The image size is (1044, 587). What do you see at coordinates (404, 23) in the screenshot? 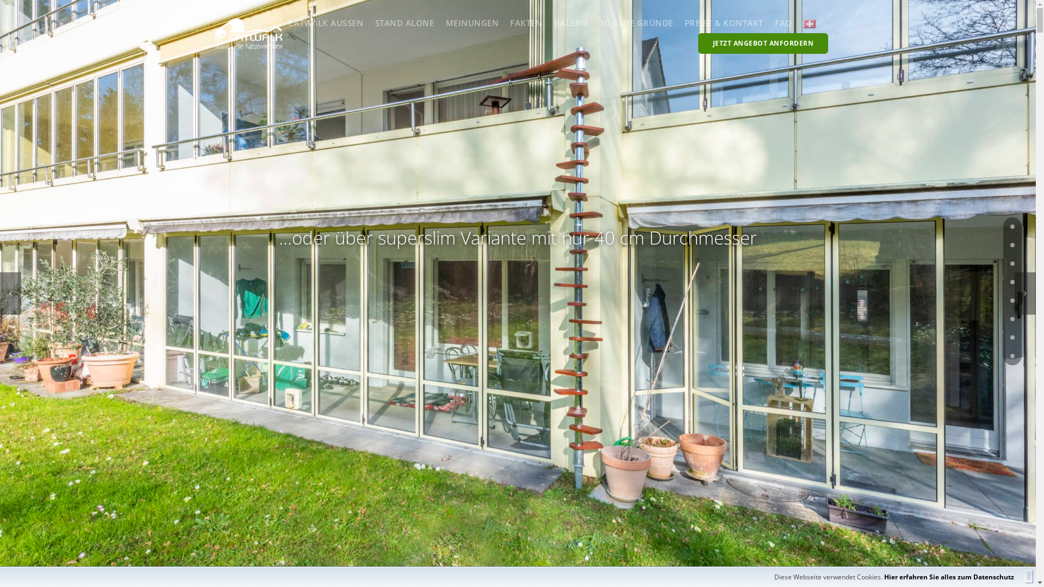
I see `'STAND ALONE'` at bounding box center [404, 23].